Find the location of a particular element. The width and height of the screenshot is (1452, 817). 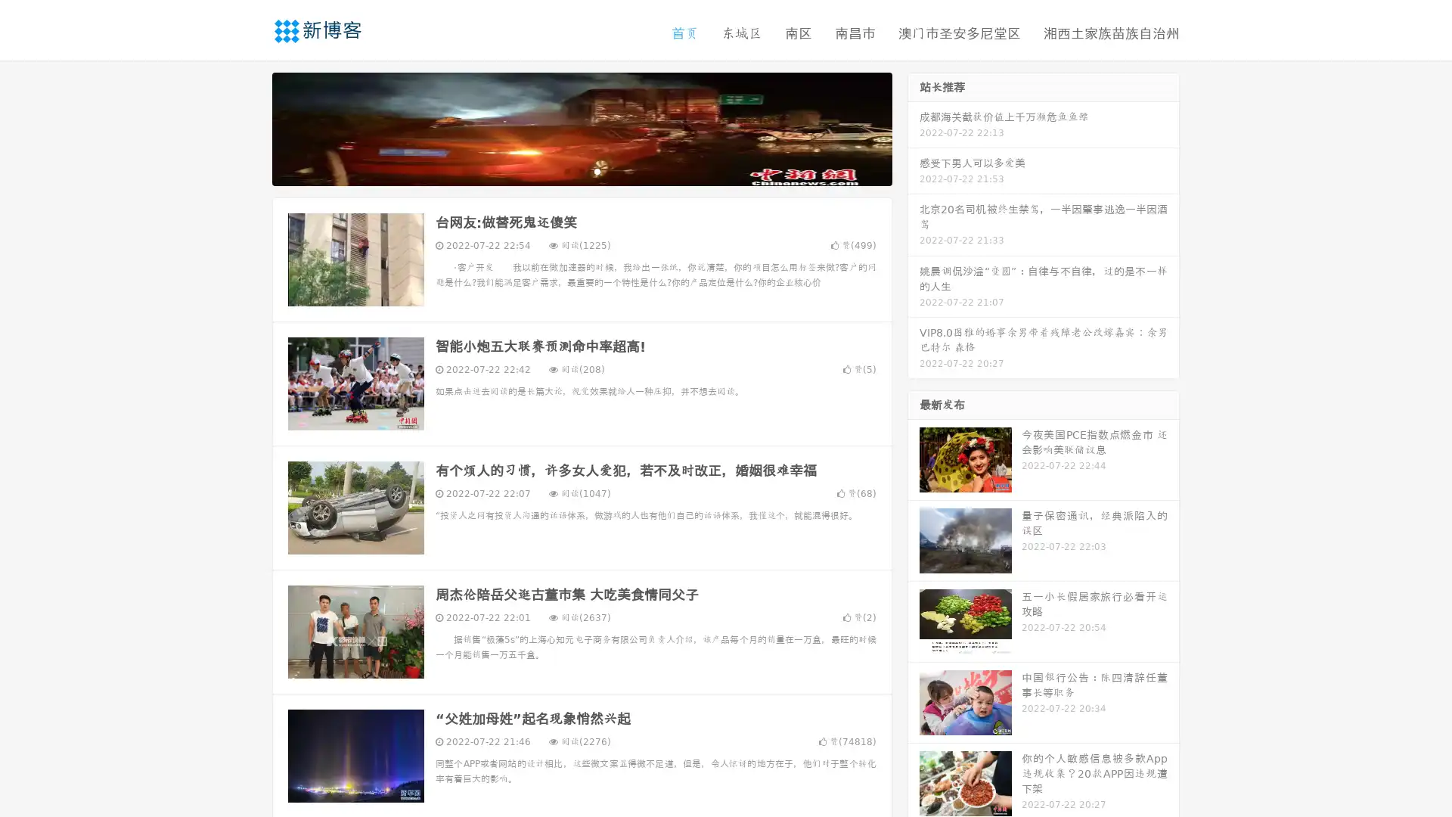

Go to slide 2 is located at coordinates (581, 170).